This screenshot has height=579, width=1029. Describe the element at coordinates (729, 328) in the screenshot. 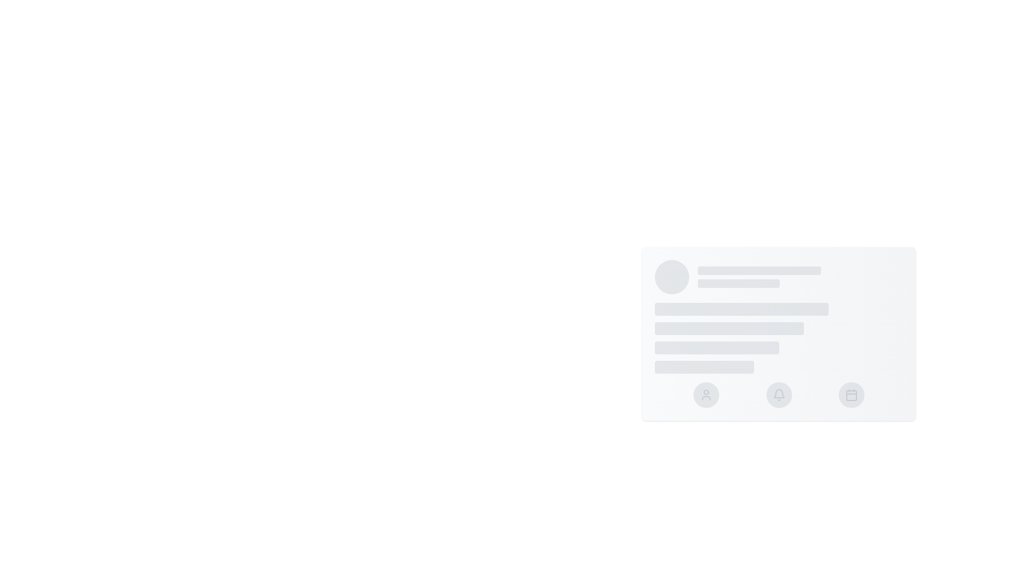

I see `the second Skeleton loader bar, which serves as a visual representation for loading content, located centrally below the first element in a vertical stack of four similar elements` at that location.